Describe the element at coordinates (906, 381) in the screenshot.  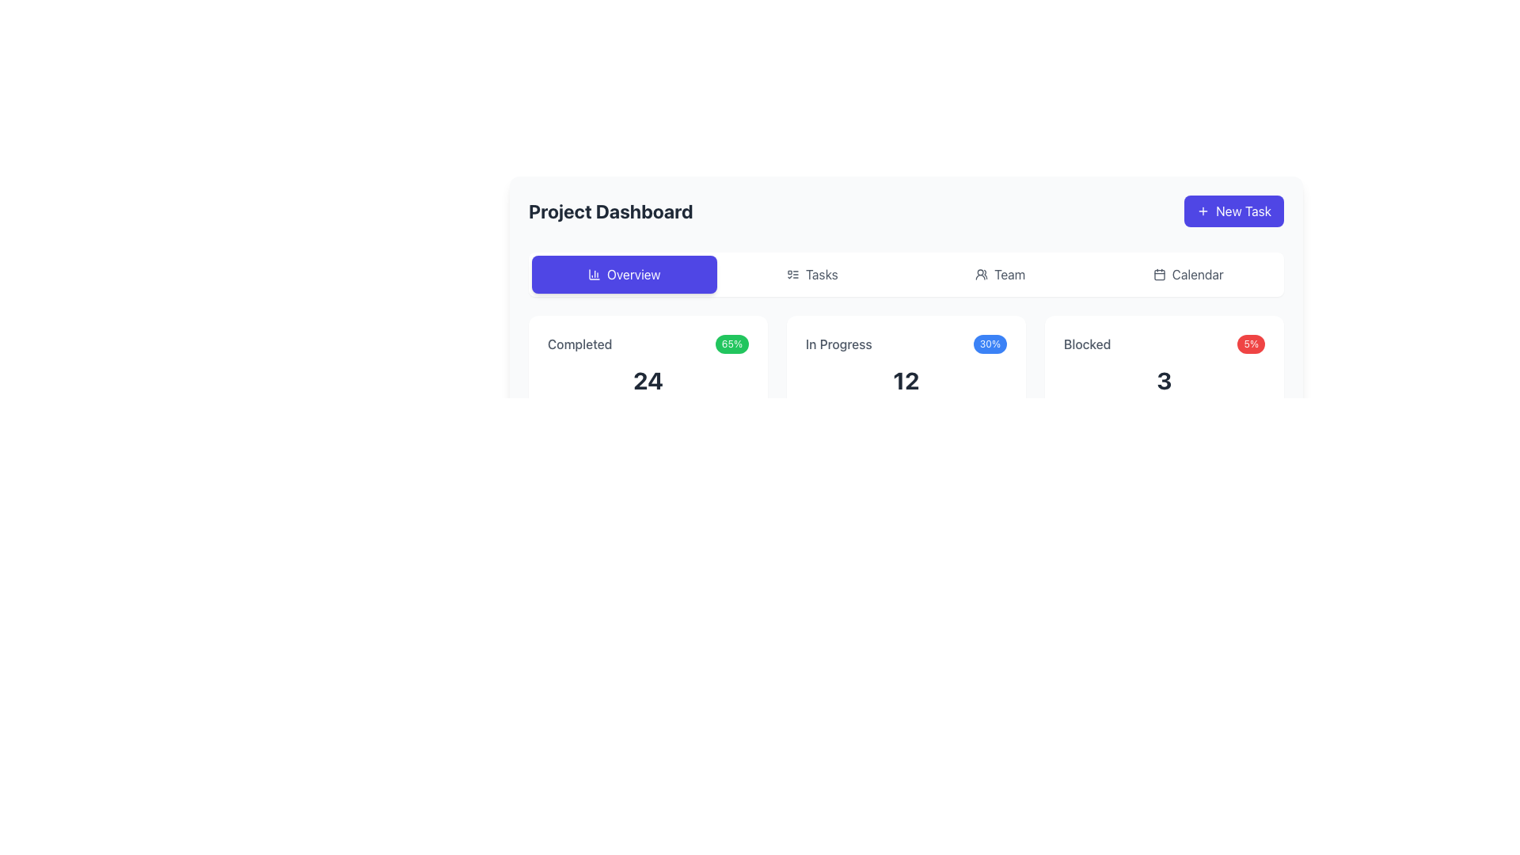
I see `the text display showing the number '12' in a bold, large font styled in dark gray, located centrally in the lower half of the card representing 'In Progress'` at that location.